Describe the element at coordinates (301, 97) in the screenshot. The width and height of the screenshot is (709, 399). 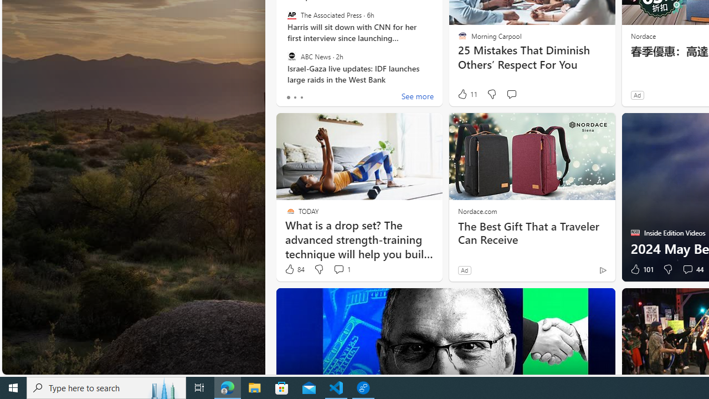
I see `'tab-2'` at that location.